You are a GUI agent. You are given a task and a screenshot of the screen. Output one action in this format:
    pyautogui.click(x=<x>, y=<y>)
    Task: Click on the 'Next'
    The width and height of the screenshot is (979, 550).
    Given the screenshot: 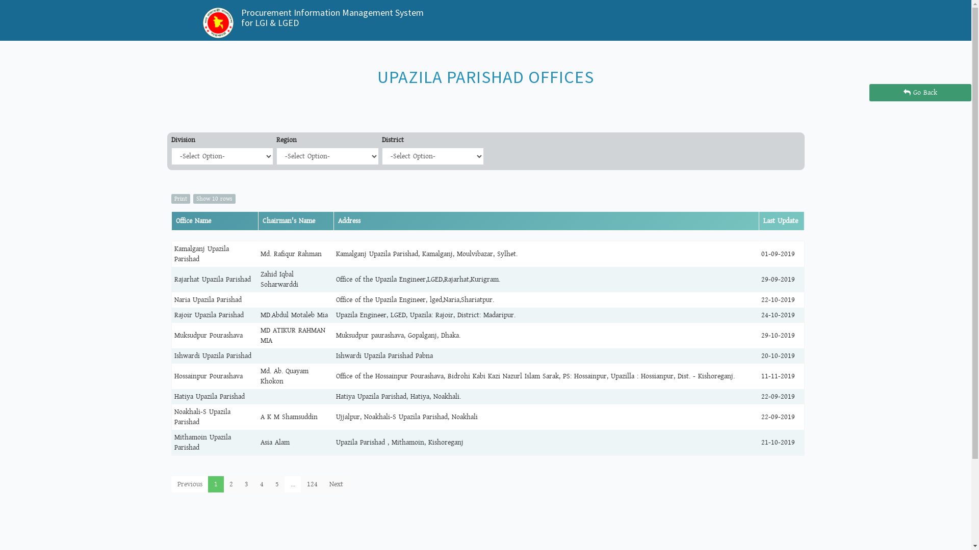 What is the action you would take?
    pyautogui.click(x=322, y=484)
    